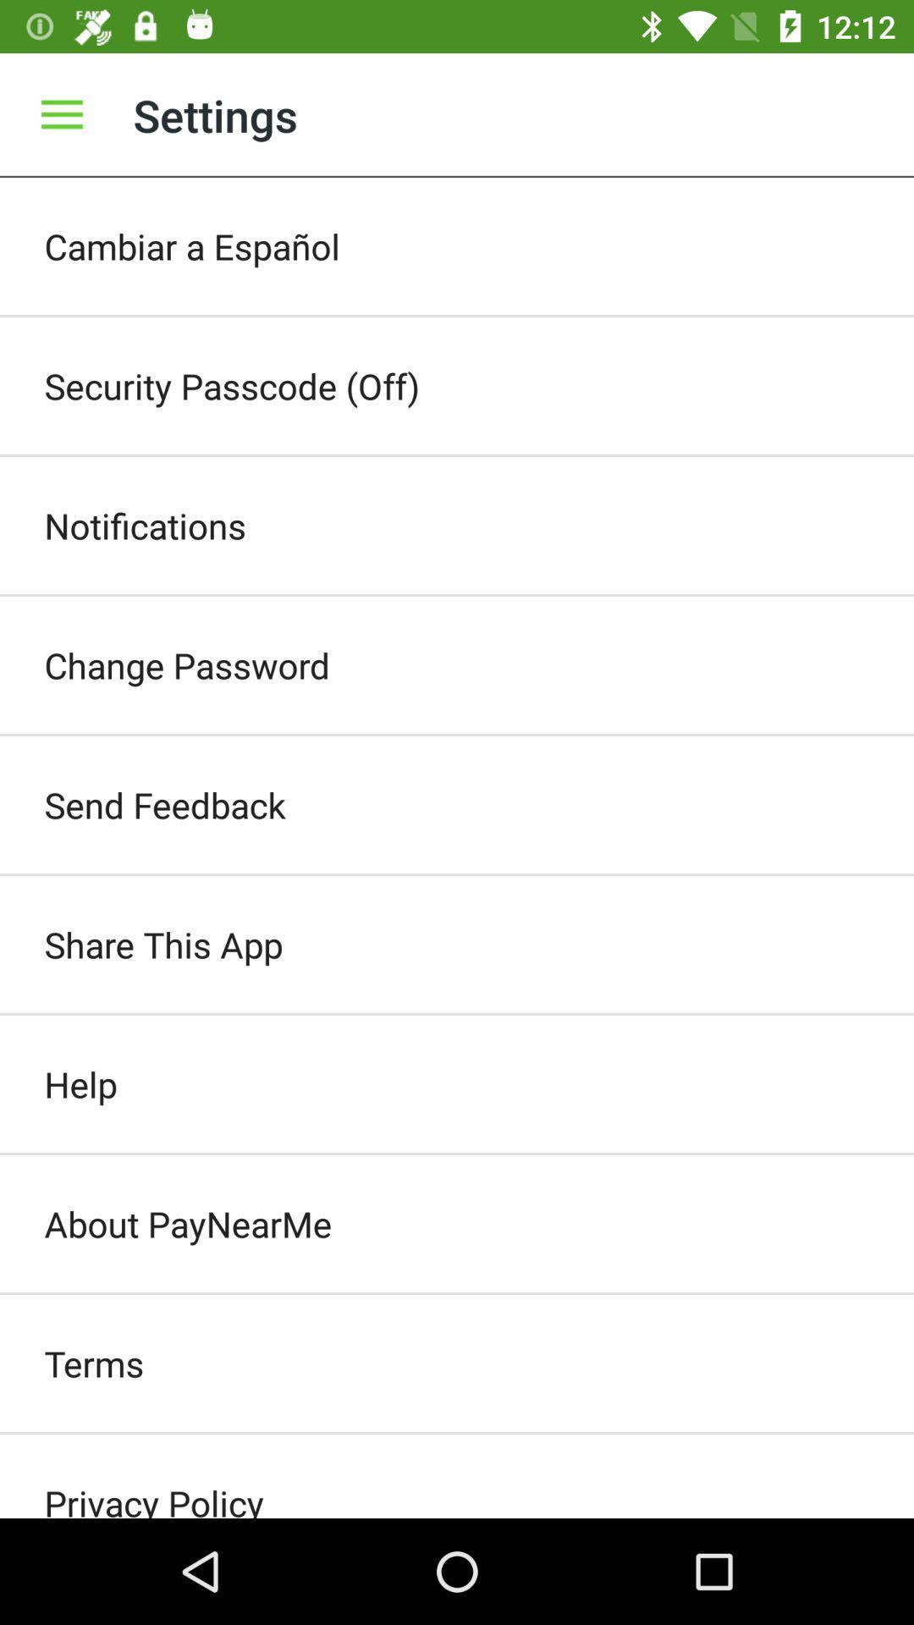 The width and height of the screenshot is (914, 1625). Describe the element at coordinates (457, 1363) in the screenshot. I see `item above privacy policy item` at that location.